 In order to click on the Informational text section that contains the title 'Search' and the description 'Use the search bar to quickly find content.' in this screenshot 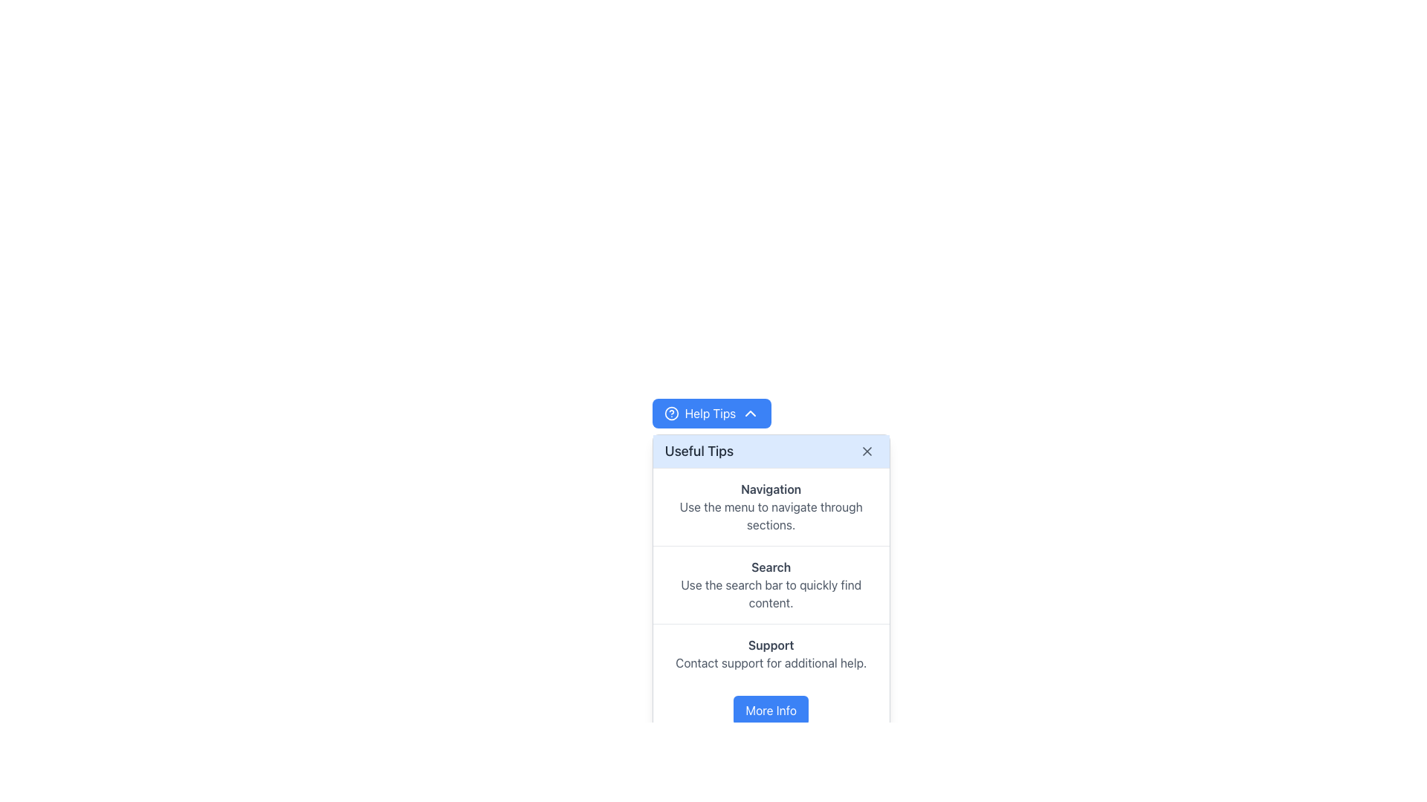, I will do `click(771, 584)`.